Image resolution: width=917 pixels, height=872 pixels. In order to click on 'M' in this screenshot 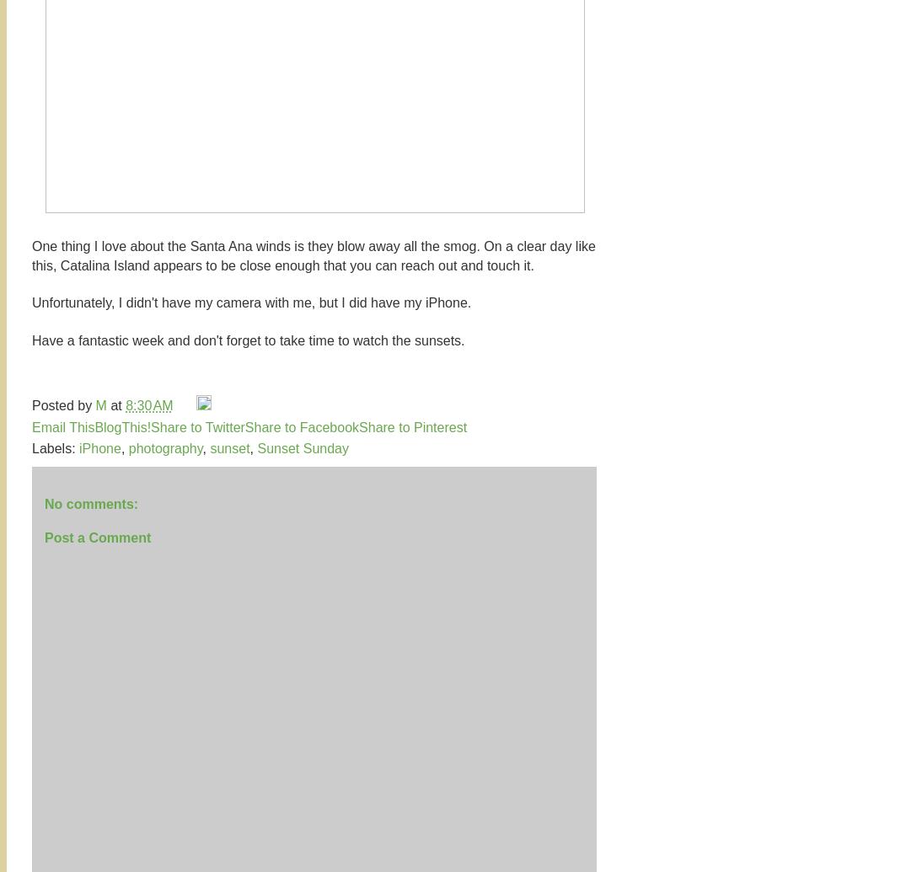, I will do `click(102, 405)`.